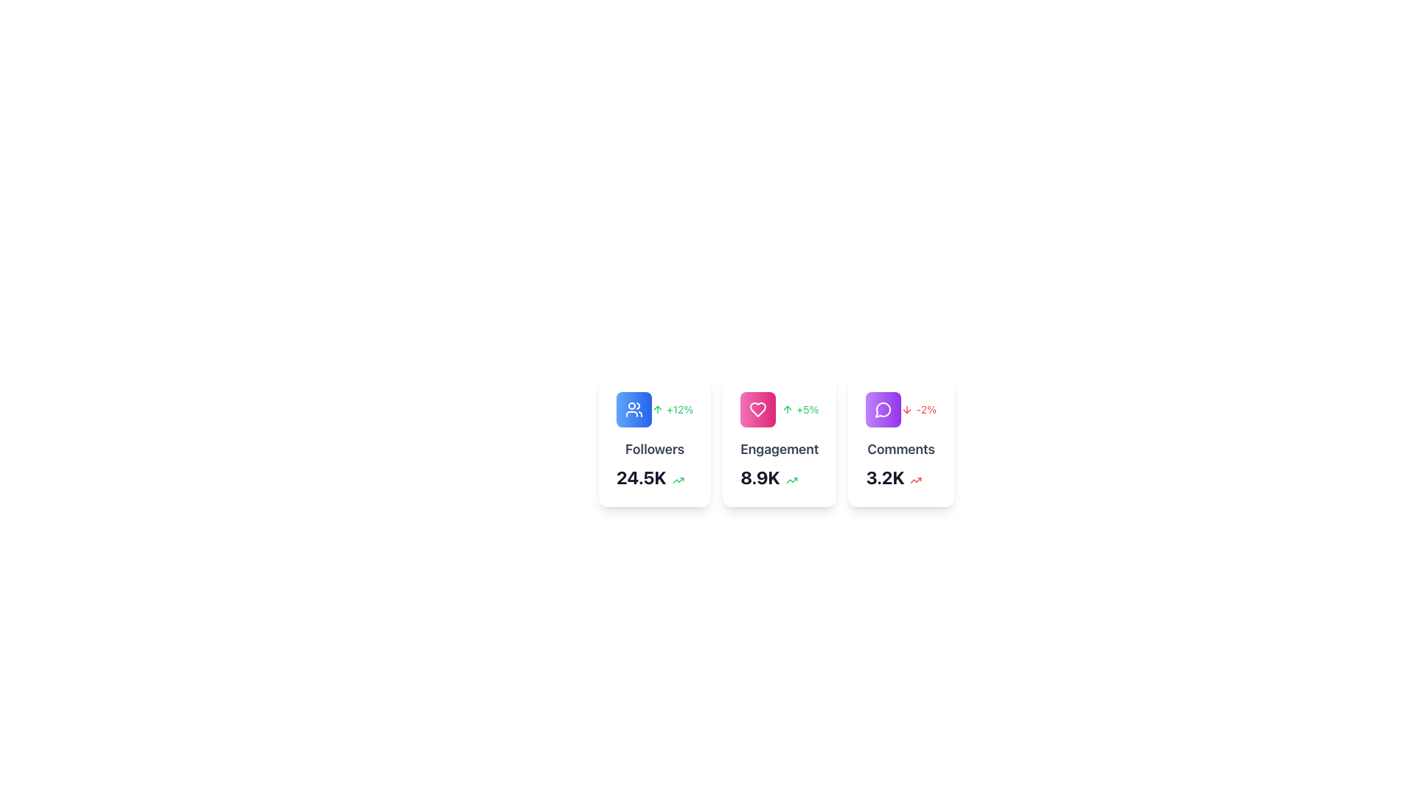 The width and height of the screenshot is (1416, 796). Describe the element at coordinates (654, 439) in the screenshot. I see `the metrics displayed on the 'Followers' statistical metric card, which shows the title 'Followers' in bold, the number '24.5K', and a green '+12%' indicating an increase` at that location.